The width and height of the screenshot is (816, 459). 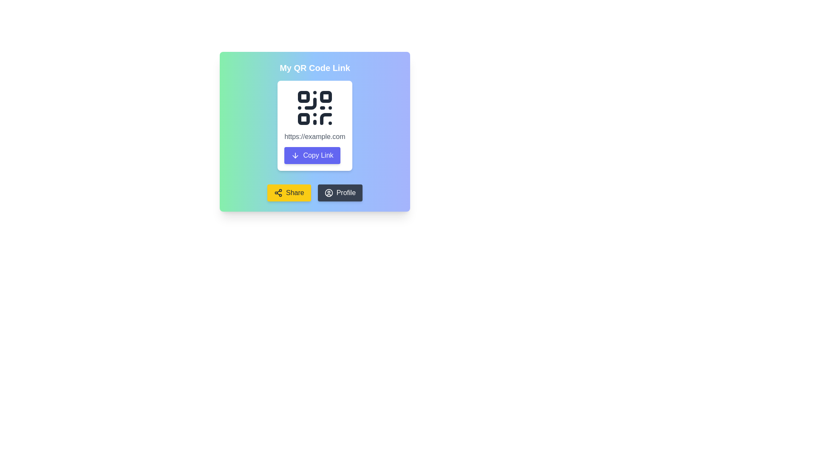 What do you see at coordinates (304, 96) in the screenshot?
I see `the decorative square located at the top-left corner of the QR code, which is a small rounded square styled in black and white` at bounding box center [304, 96].